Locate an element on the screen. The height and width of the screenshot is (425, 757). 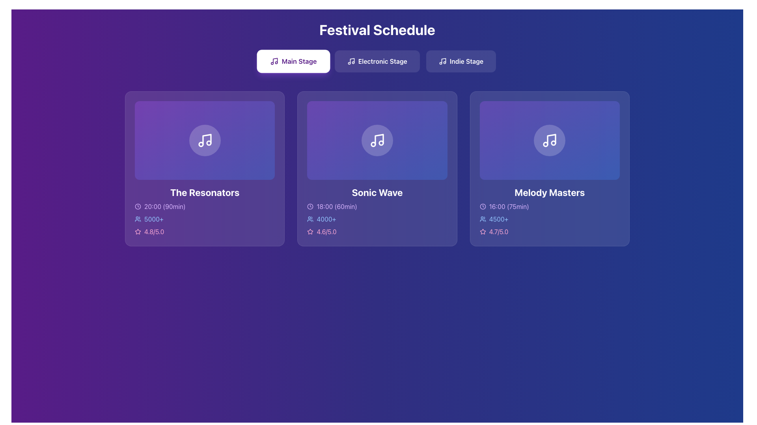
the group of people icon that represents audience size, located to the left of the '4500+' text in the third concert card labeled 'Melody Masters' is located at coordinates (482, 219).